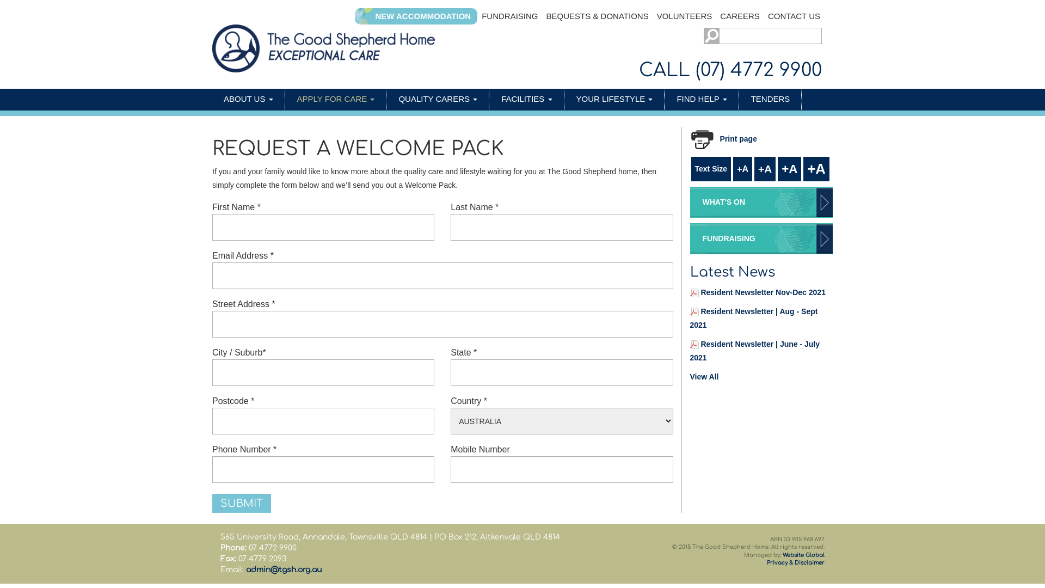 The height and width of the screenshot is (588, 1045). I want to click on 'BEQUESTS & DONATIONS', so click(597, 16).